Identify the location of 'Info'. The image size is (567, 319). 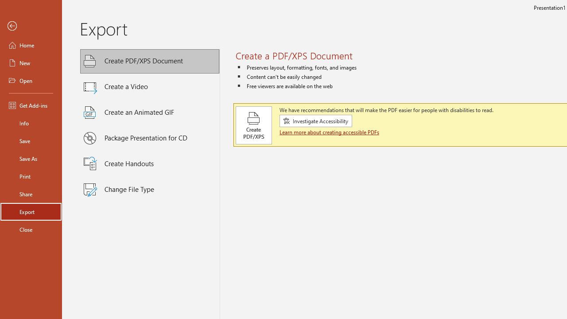
(31, 123).